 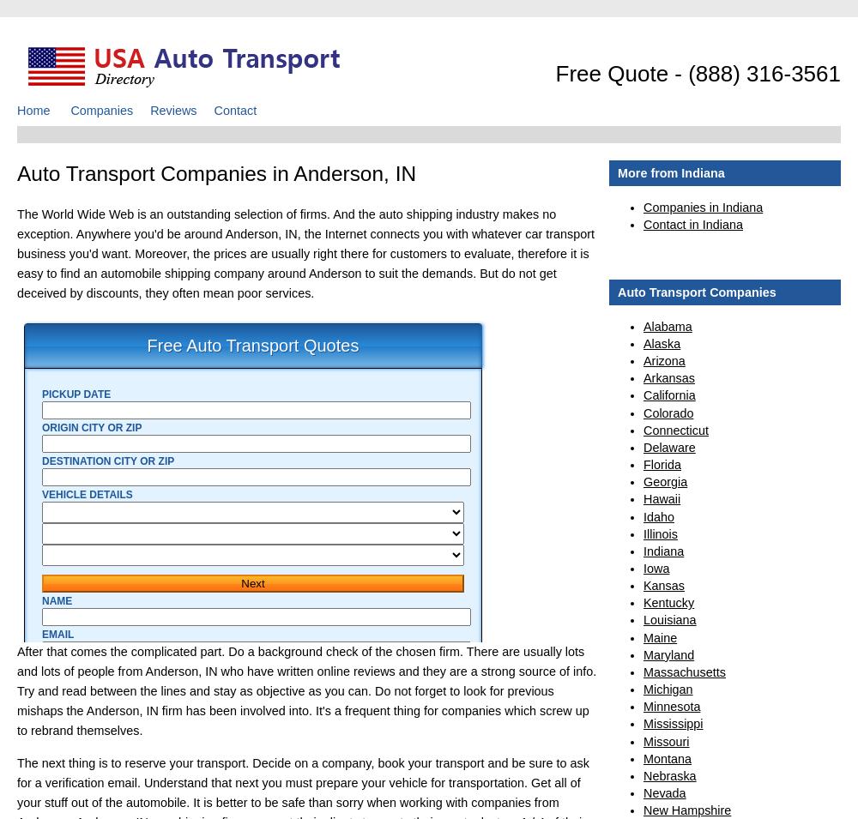 What do you see at coordinates (305, 252) in the screenshot?
I see `'The World Wide Web is an outstanding selection of firms. And the auto shipping industry makes no exception. Anywhere you'd be around Anderson, IN, the Internet connects you with whatever car transport business you'd want. Moreover, the prices are usually right there for customers to evaluate, therefore it is easy to find an automobile shipping company around Anderson to suit the demands. But do not get deceived by discounts, they often mean poor services.'` at bounding box center [305, 252].